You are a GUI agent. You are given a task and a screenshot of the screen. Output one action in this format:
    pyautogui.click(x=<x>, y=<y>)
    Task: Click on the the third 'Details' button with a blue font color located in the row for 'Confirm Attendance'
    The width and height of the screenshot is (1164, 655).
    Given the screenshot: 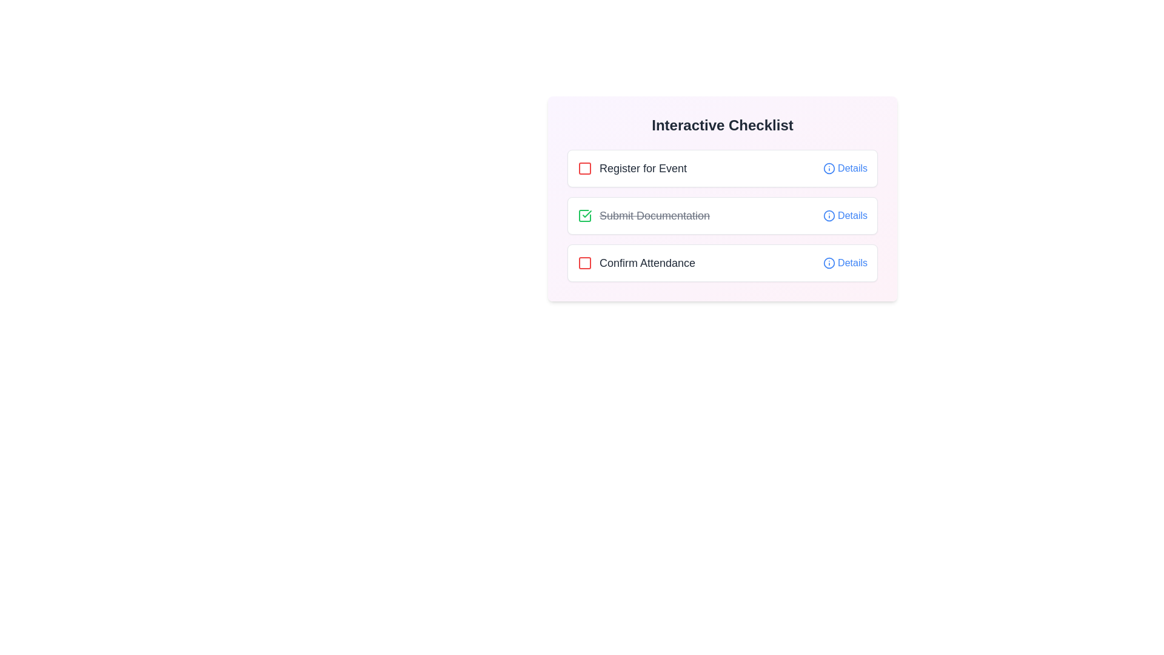 What is the action you would take?
    pyautogui.click(x=845, y=263)
    